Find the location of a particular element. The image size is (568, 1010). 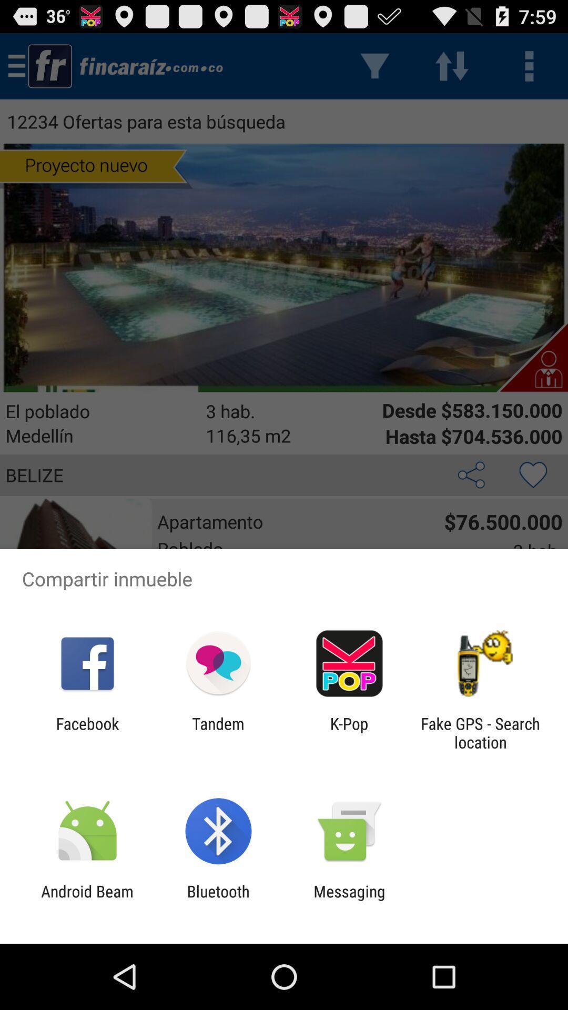

the app to the right of facebook item is located at coordinates (218, 732).